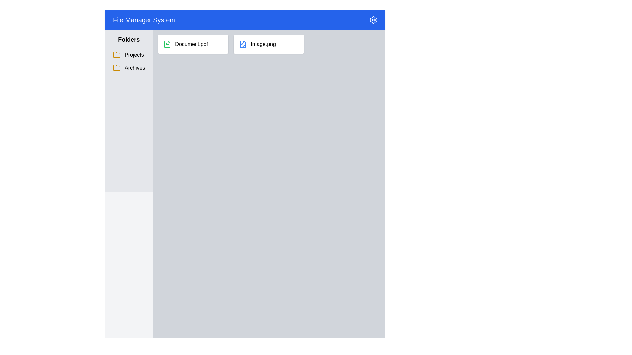 This screenshot has height=355, width=632. Describe the element at coordinates (243, 44) in the screenshot. I see `the details of the image file icon representing 'Image.png', which is located in the second file entry of the horizontally structured list` at that location.